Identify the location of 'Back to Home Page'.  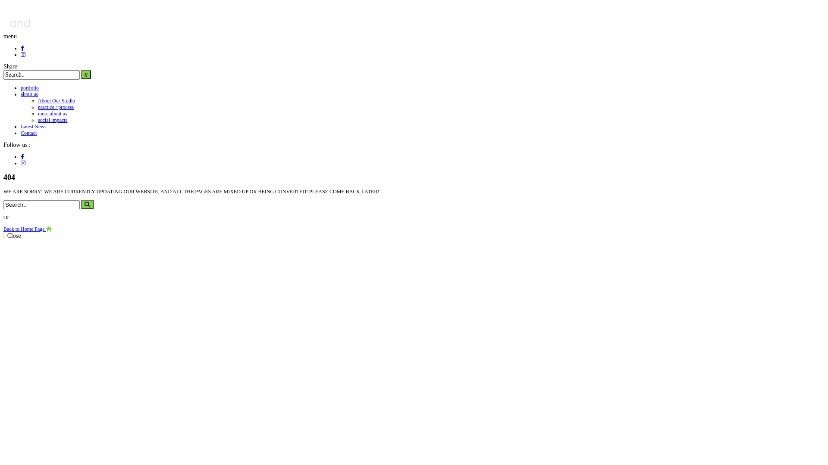
(28, 229).